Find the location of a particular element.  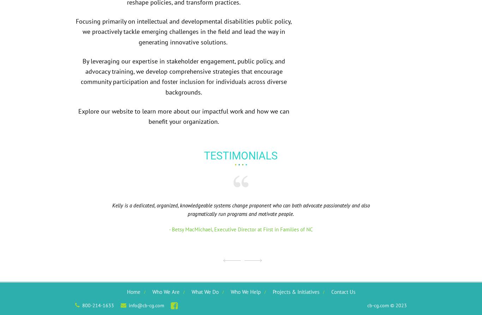

'Home' is located at coordinates (133, 291).